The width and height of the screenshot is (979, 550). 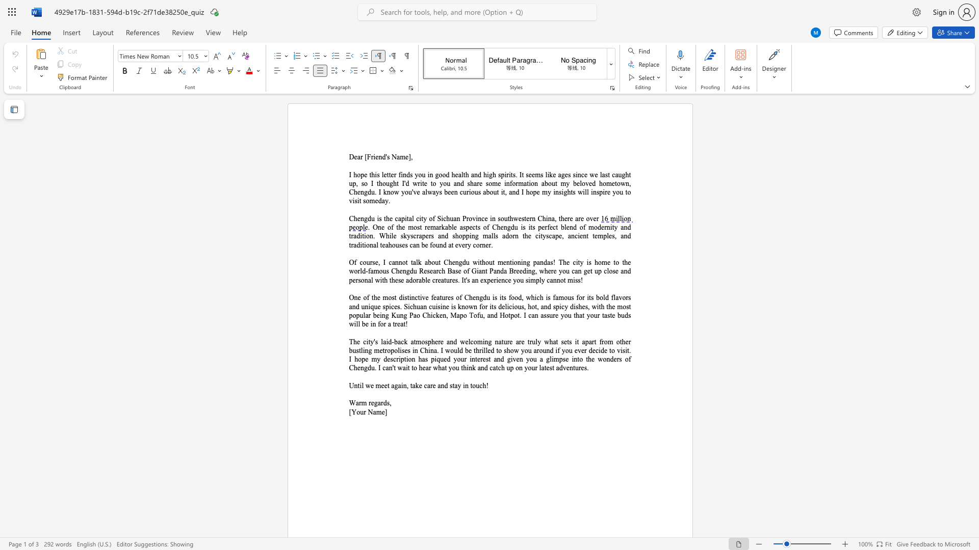 I want to click on the subset text "Chengd" within the text "Chengdu is the capital city of Sichuan Province in southwestern China, there are over", so click(x=349, y=218).